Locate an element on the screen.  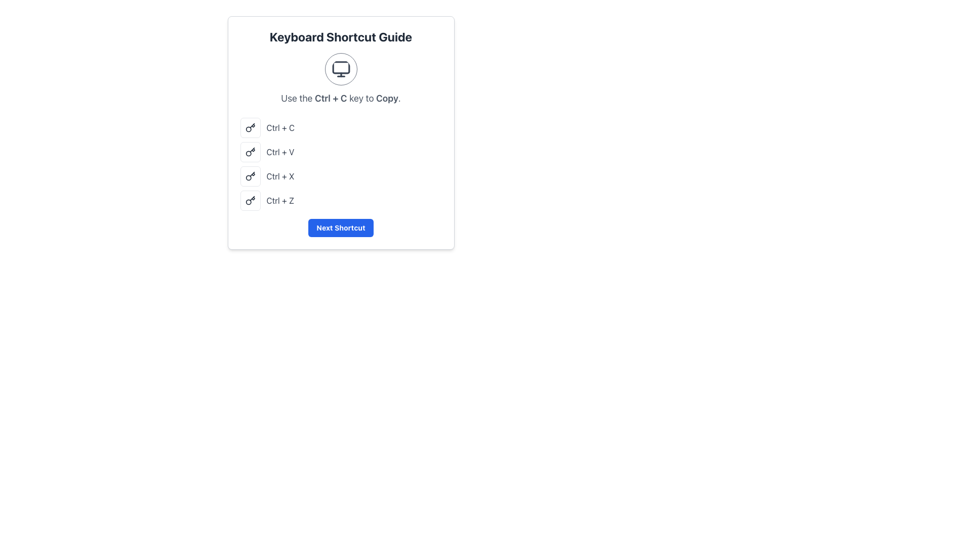
text snippet displaying 'Ctrl + C' in bold font located centrally at the top of the interface, immediately before the bold text 'Copy' is located at coordinates (331, 98).